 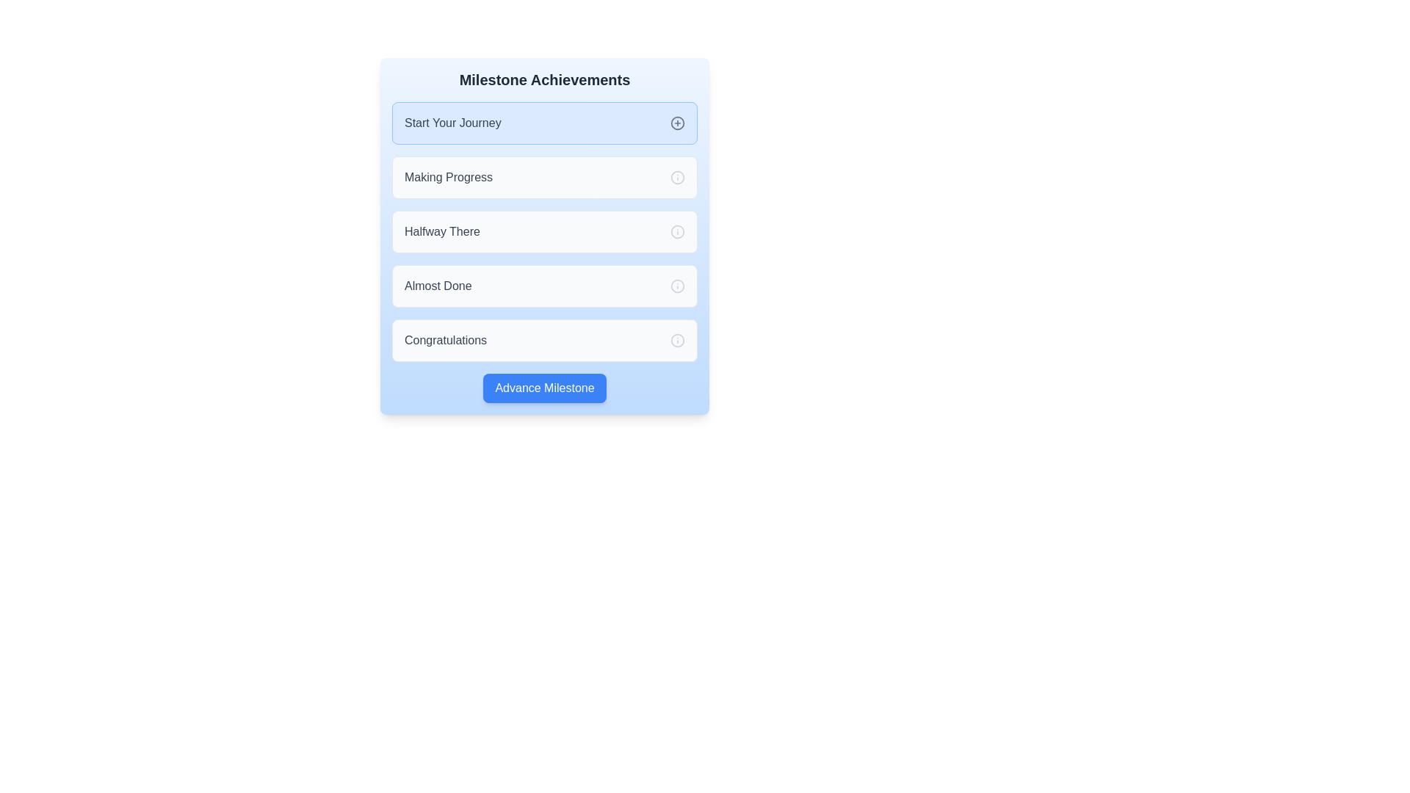 What do you see at coordinates (676, 286) in the screenshot?
I see `the light gray stroke circle icon, which is part of the info icon group positioned in the middle right of the 'Almost Done' section` at bounding box center [676, 286].